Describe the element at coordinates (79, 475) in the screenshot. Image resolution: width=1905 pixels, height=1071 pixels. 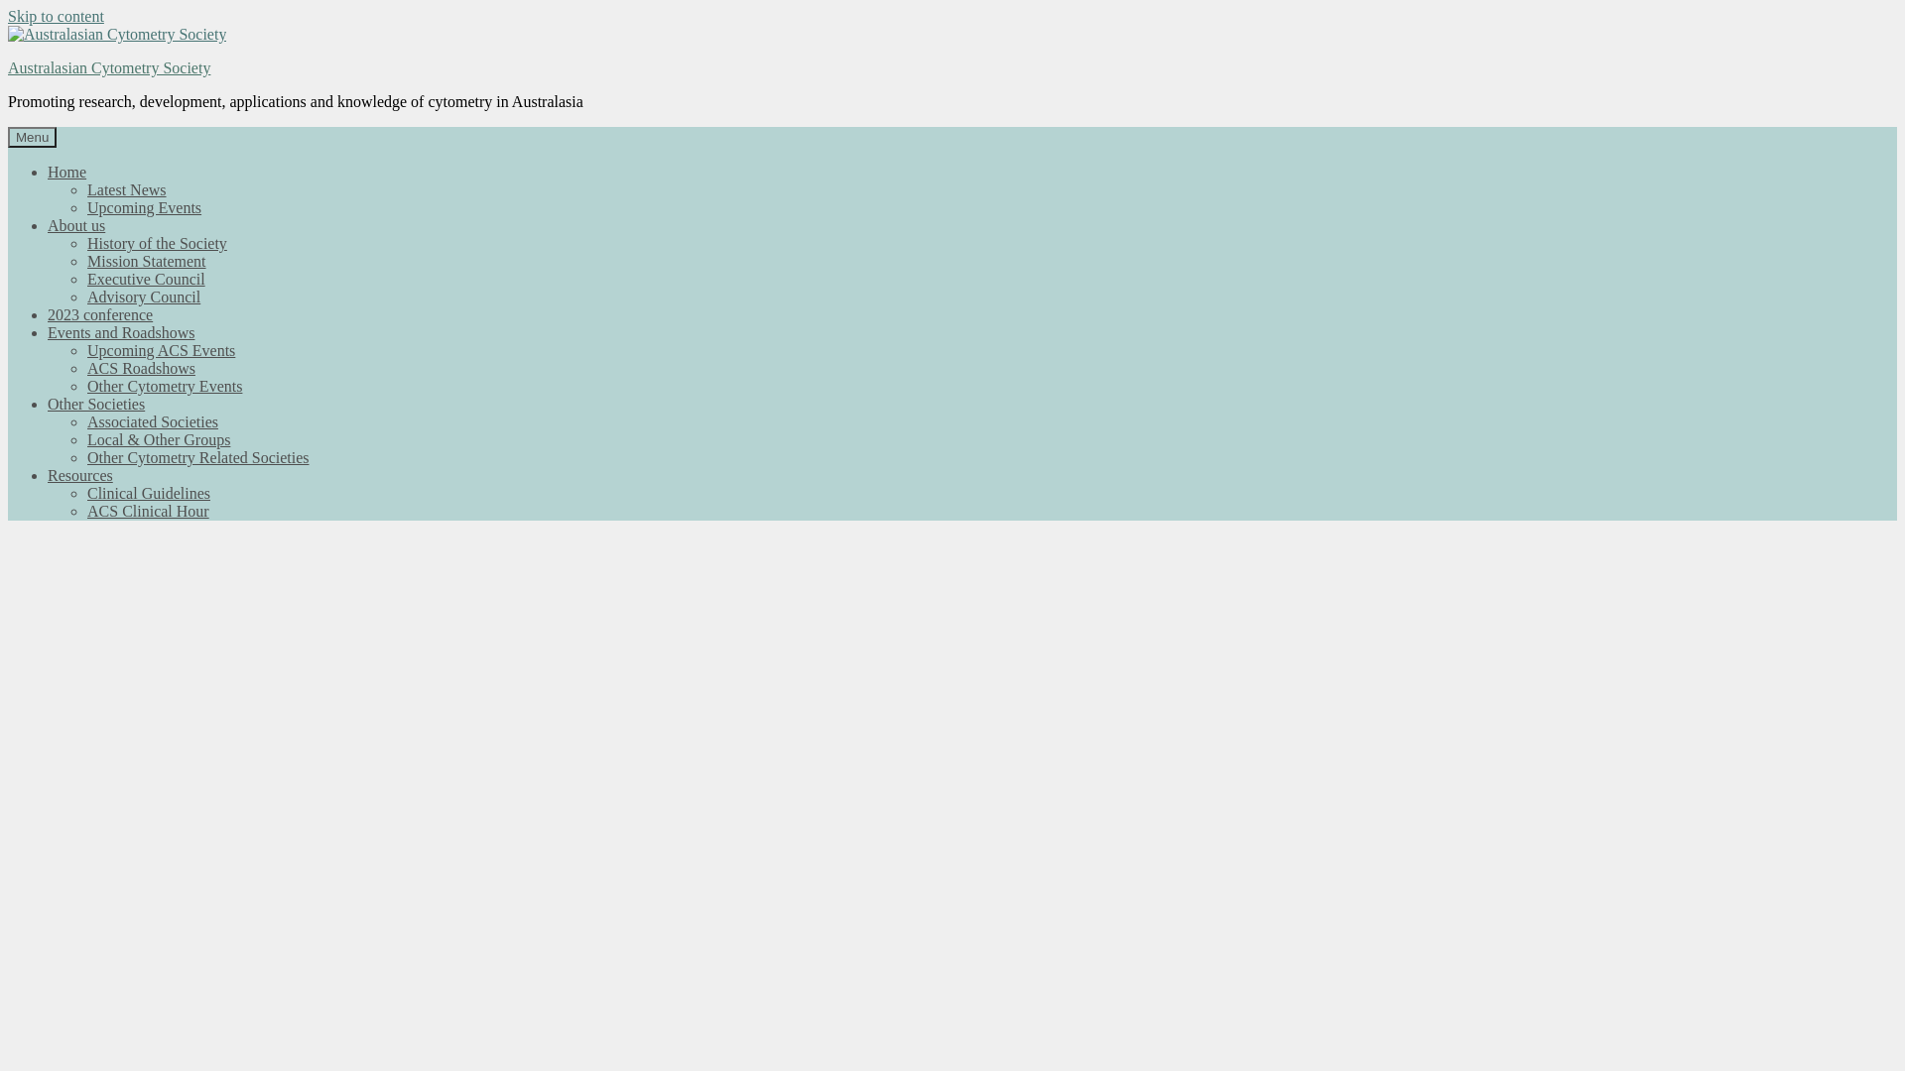
I see `'Resources'` at that location.